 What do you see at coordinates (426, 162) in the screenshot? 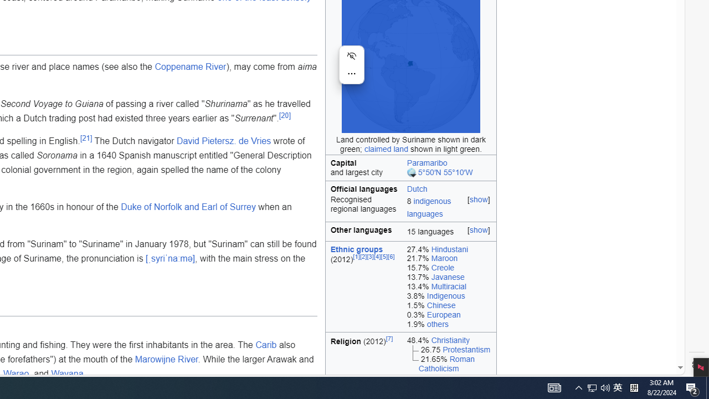
I see `'Paramaribo'` at bounding box center [426, 162].